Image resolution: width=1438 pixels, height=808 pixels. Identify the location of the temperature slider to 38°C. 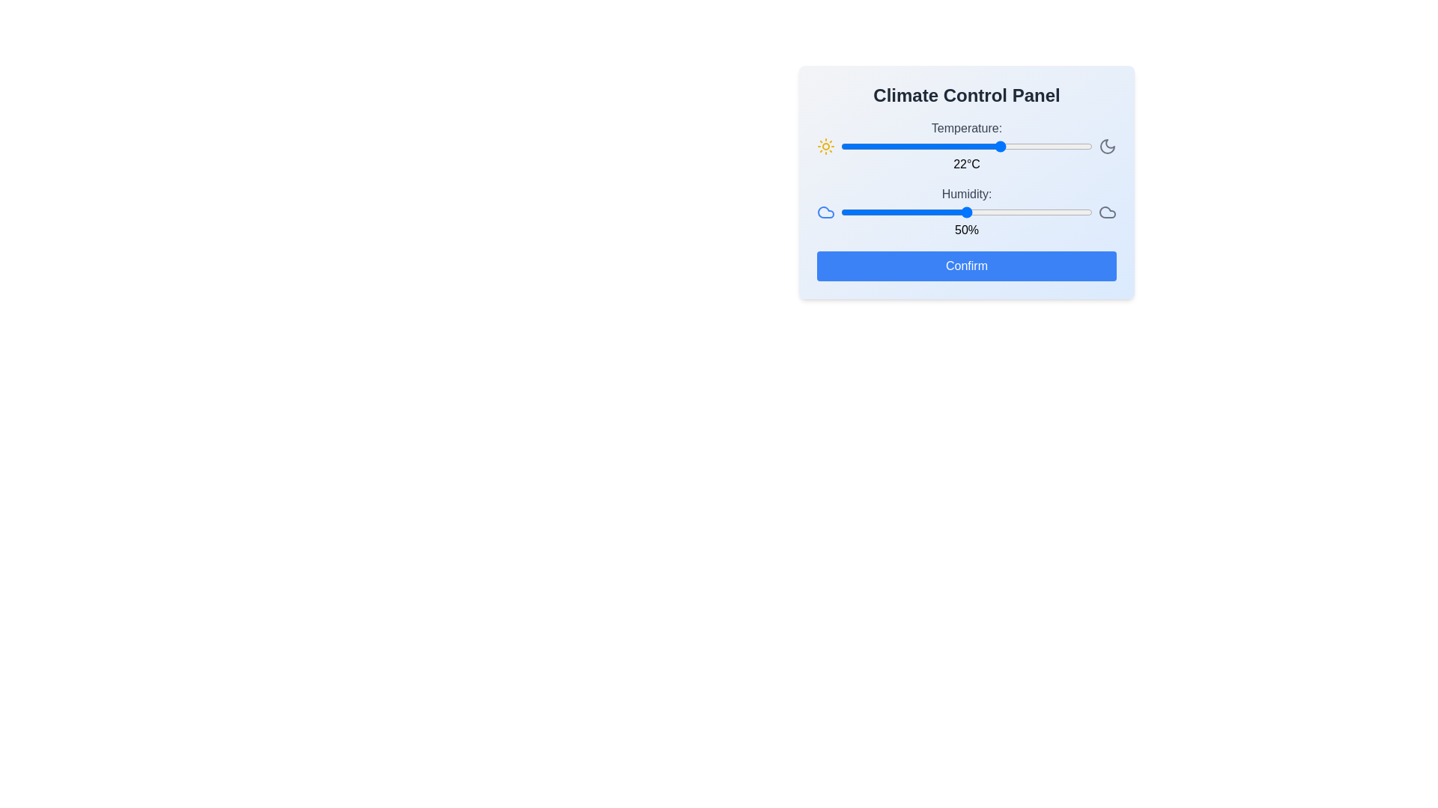
(1082, 147).